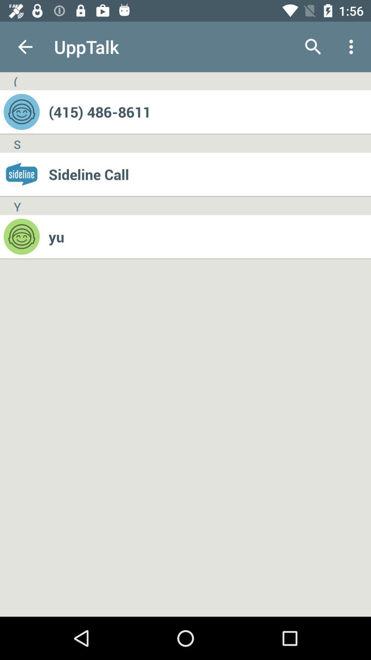  What do you see at coordinates (209, 112) in the screenshot?
I see `(415) 486-8611 icon` at bounding box center [209, 112].